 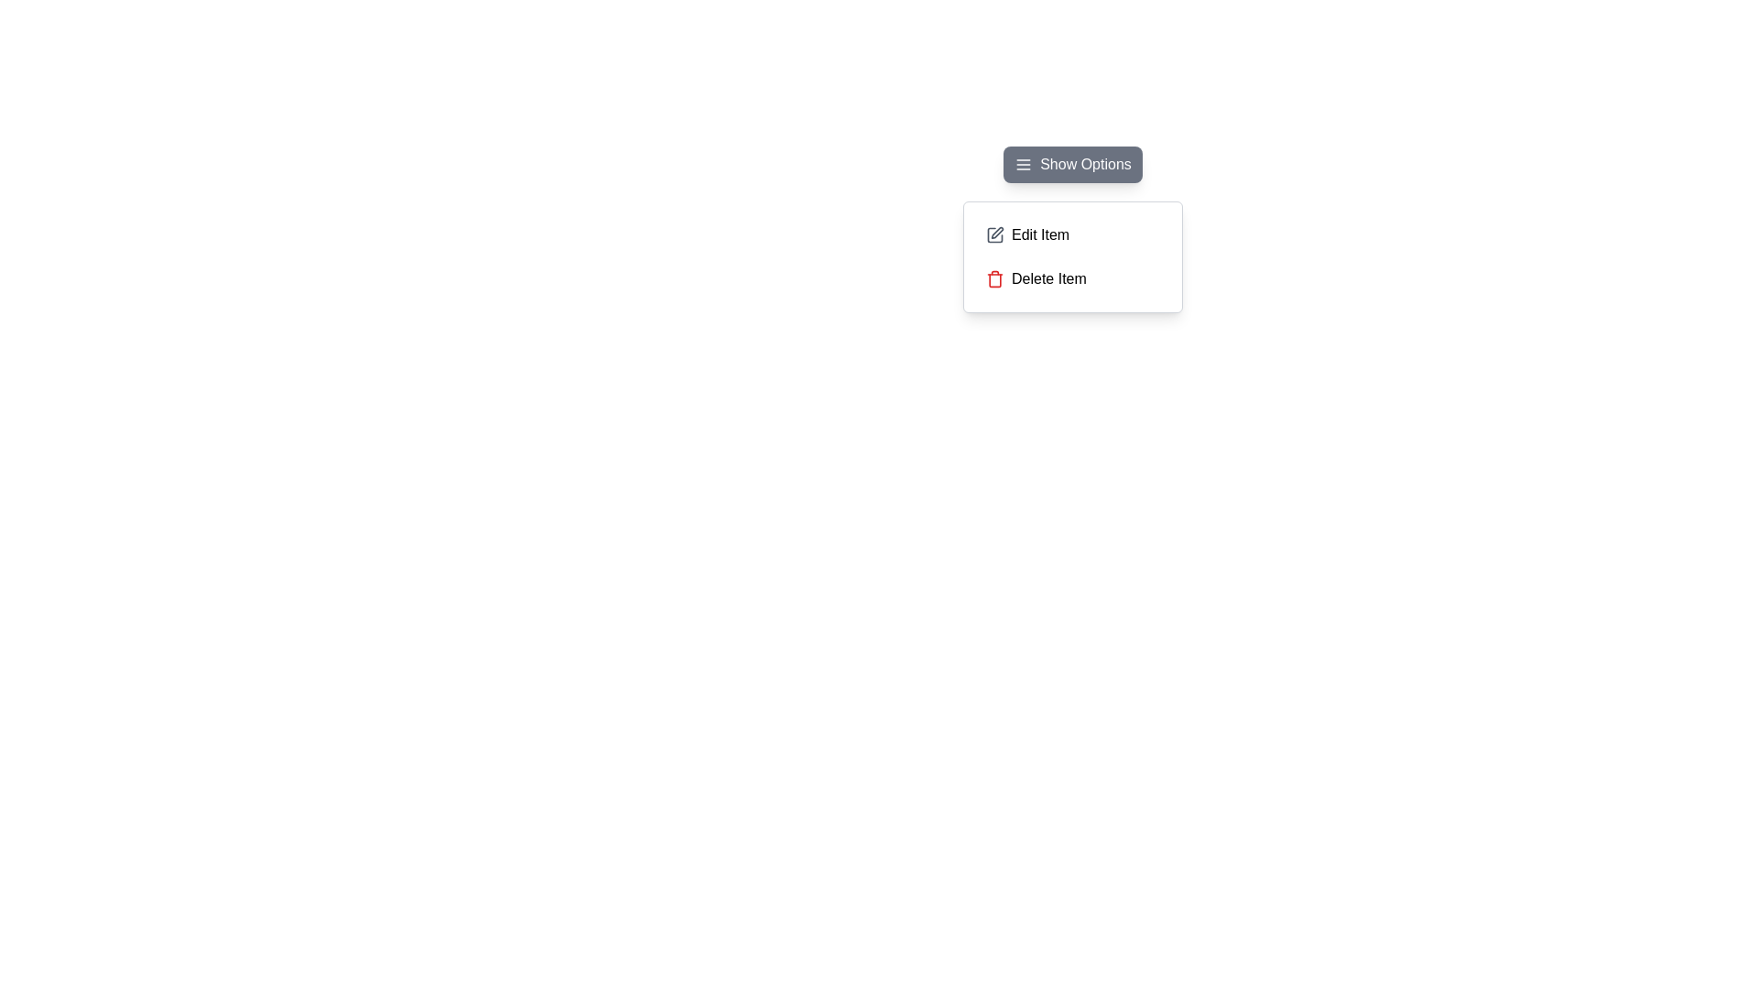 I want to click on the pencil icon located to the left of the 'Edit Item' text in the dropdown menu under the 'Show Options' button, so click(x=993, y=234).